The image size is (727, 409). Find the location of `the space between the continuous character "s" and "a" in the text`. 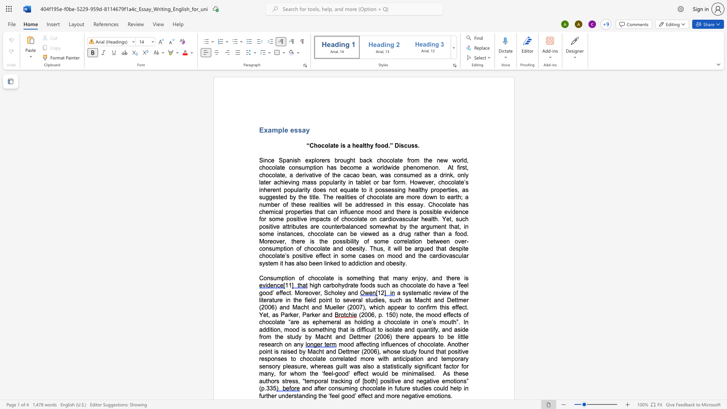

the space between the continuous character "s" and "a" in the text is located at coordinates (301, 130).